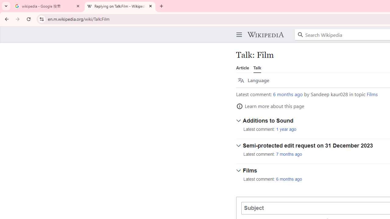 The image size is (390, 219). What do you see at coordinates (242, 68) in the screenshot?
I see `'Article'` at bounding box center [242, 68].